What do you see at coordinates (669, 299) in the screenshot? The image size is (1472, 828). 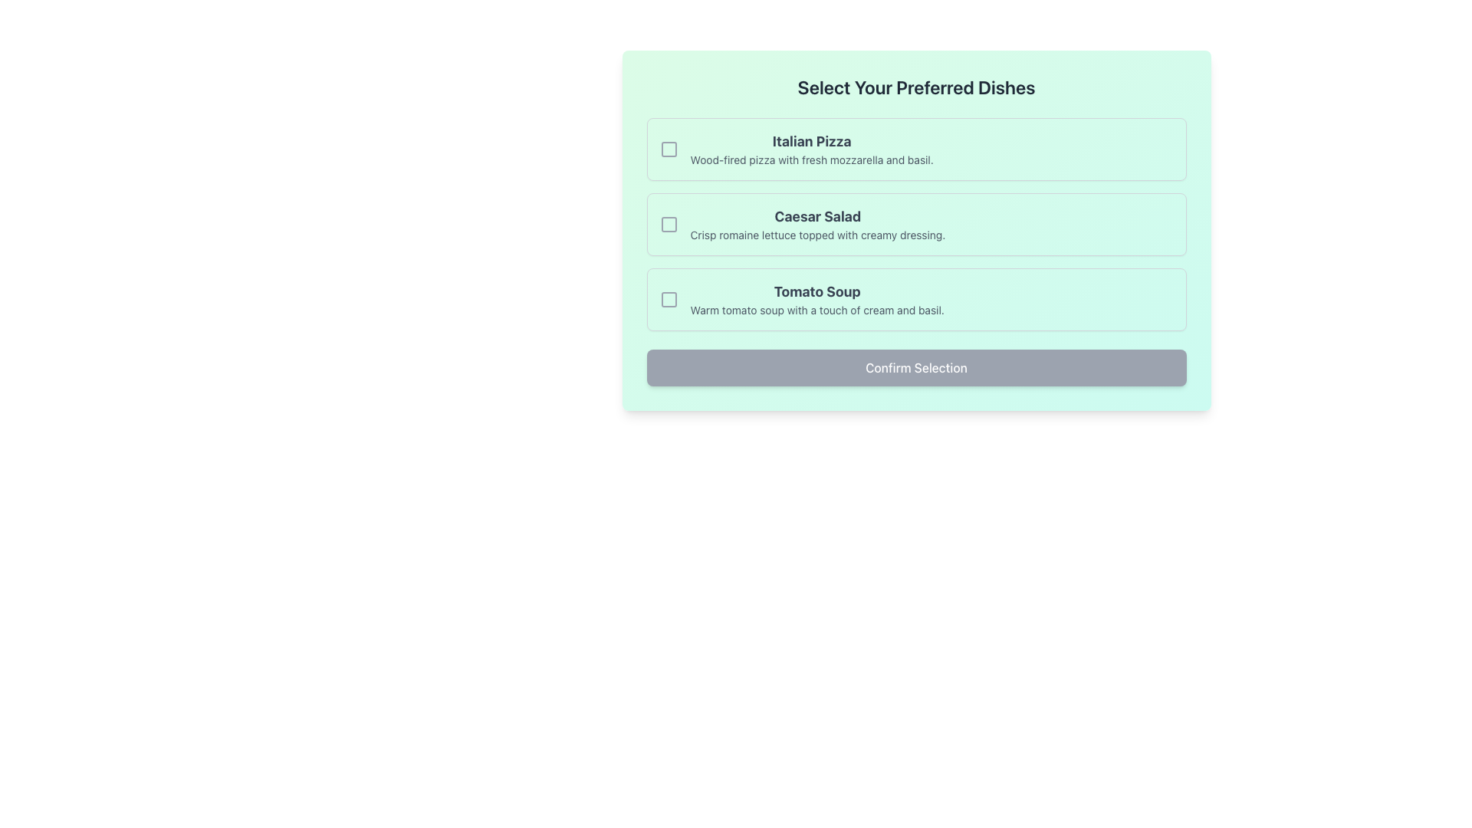 I see `the checkbox` at bounding box center [669, 299].